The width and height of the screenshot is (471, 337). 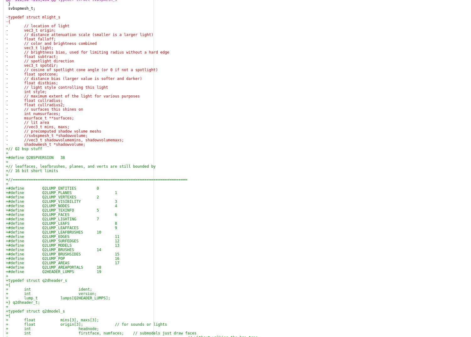 I want to click on '-       //vec3_t mins, maxs;', so click(x=37, y=126).